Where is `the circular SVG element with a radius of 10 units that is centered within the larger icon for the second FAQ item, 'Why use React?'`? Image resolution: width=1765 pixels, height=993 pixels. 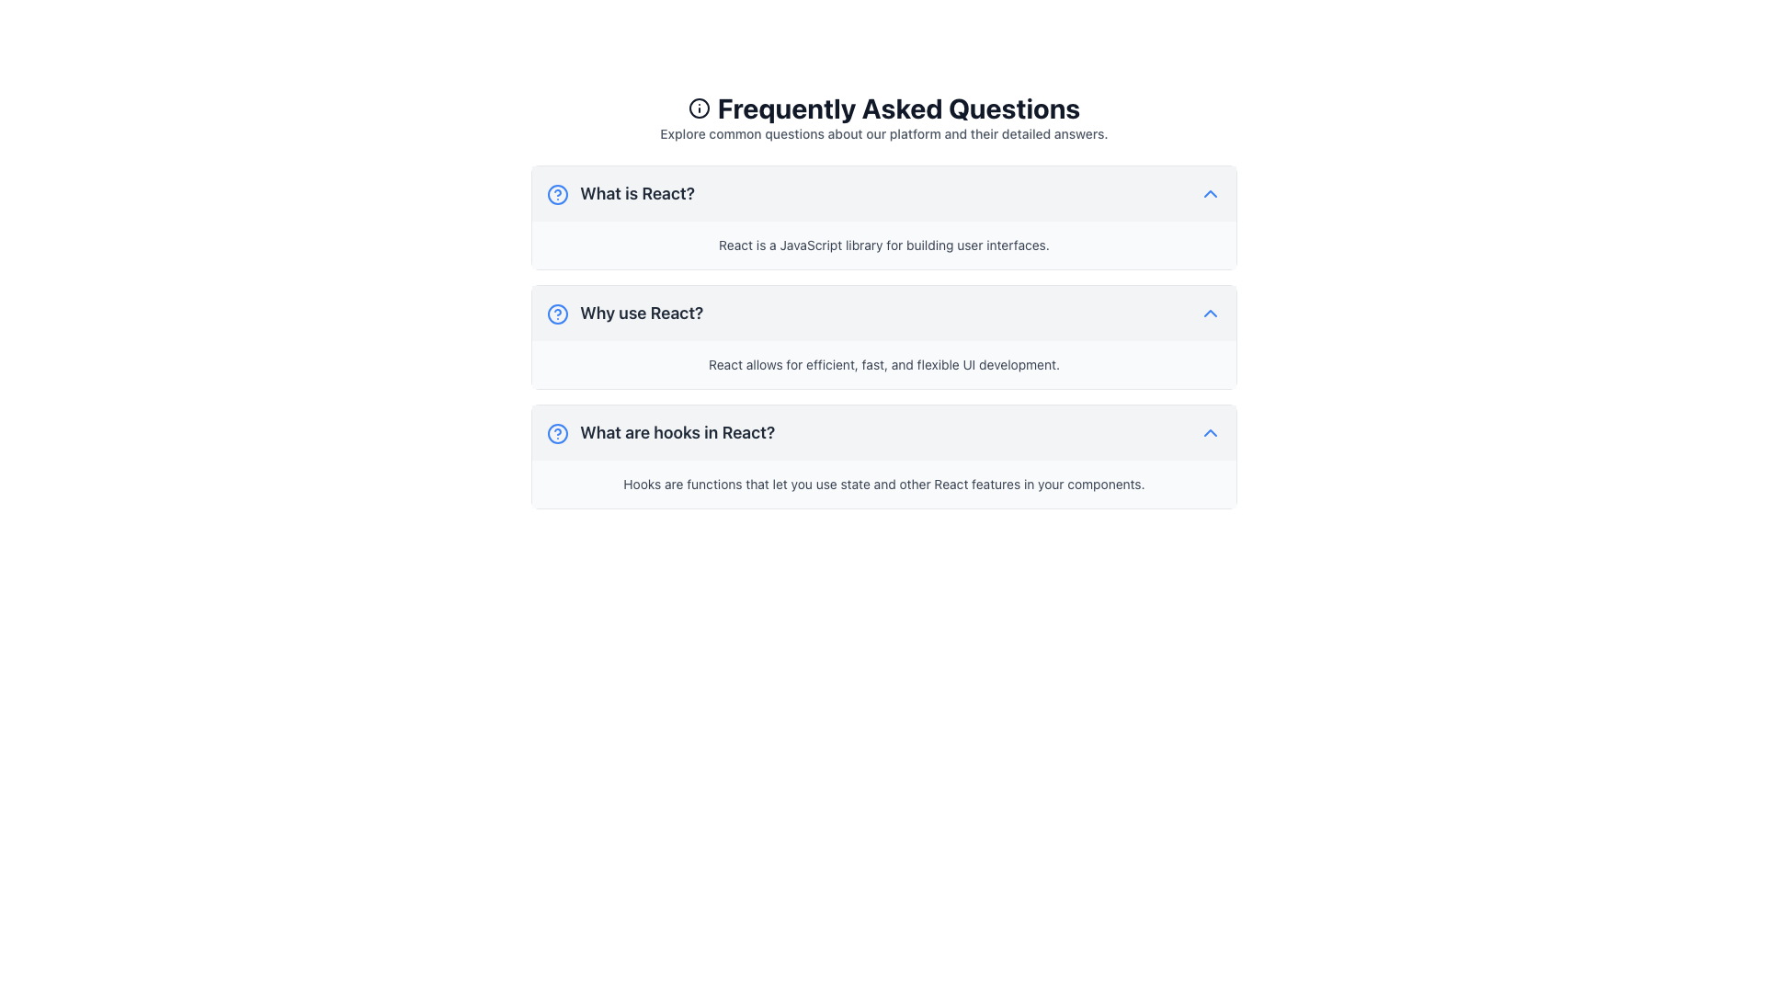
the circular SVG element with a radius of 10 units that is centered within the larger icon for the second FAQ item, 'Why use React?' is located at coordinates (556, 314).